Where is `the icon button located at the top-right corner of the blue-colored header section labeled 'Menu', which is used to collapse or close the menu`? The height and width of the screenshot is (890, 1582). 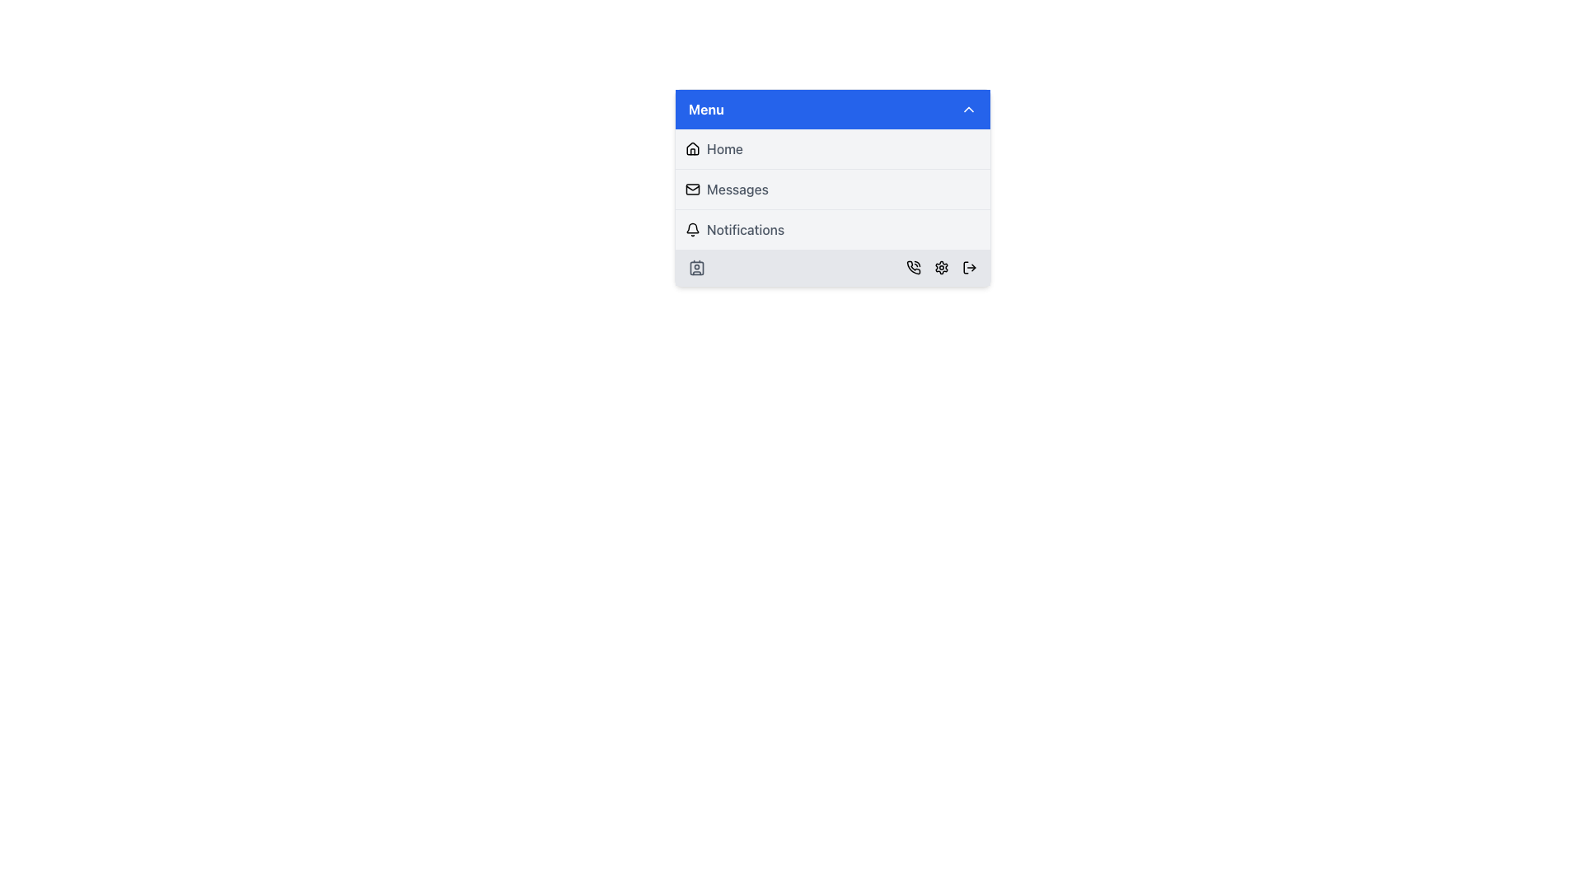 the icon button located at the top-right corner of the blue-colored header section labeled 'Menu', which is used to collapse or close the menu is located at coordinates (969, 109).